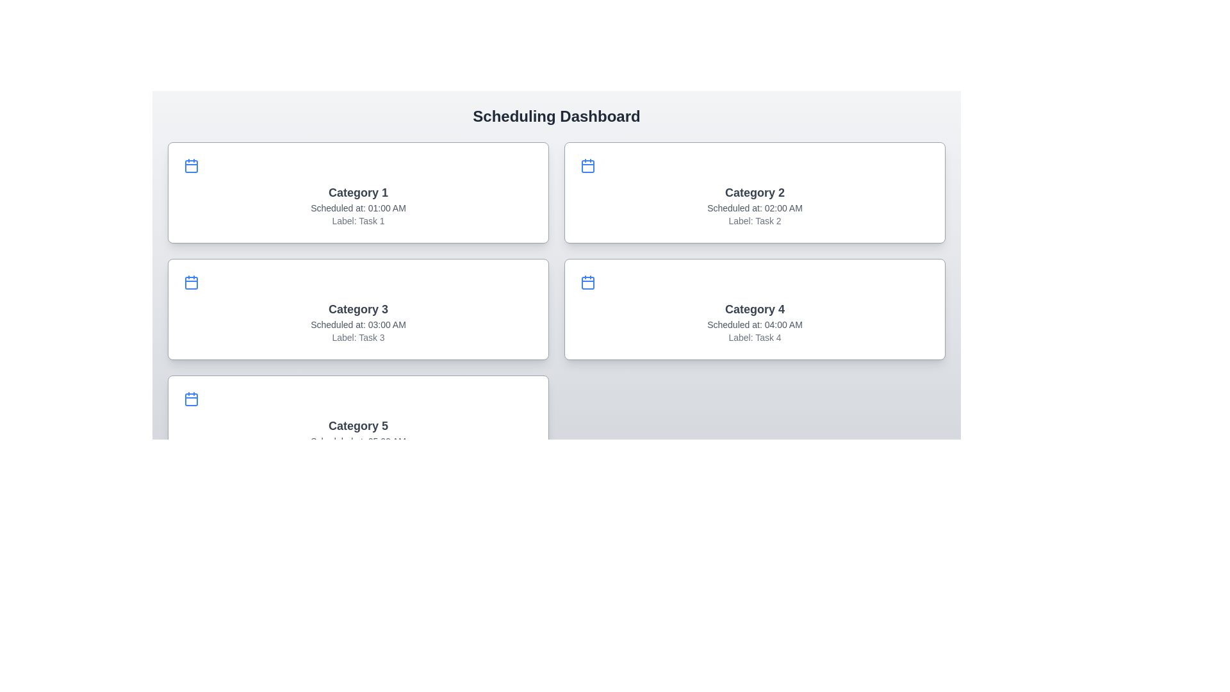  I want to click on the small calendar icon with a blue outline located in the top-left portion of the 'Category 4' card, so click(587, 281).